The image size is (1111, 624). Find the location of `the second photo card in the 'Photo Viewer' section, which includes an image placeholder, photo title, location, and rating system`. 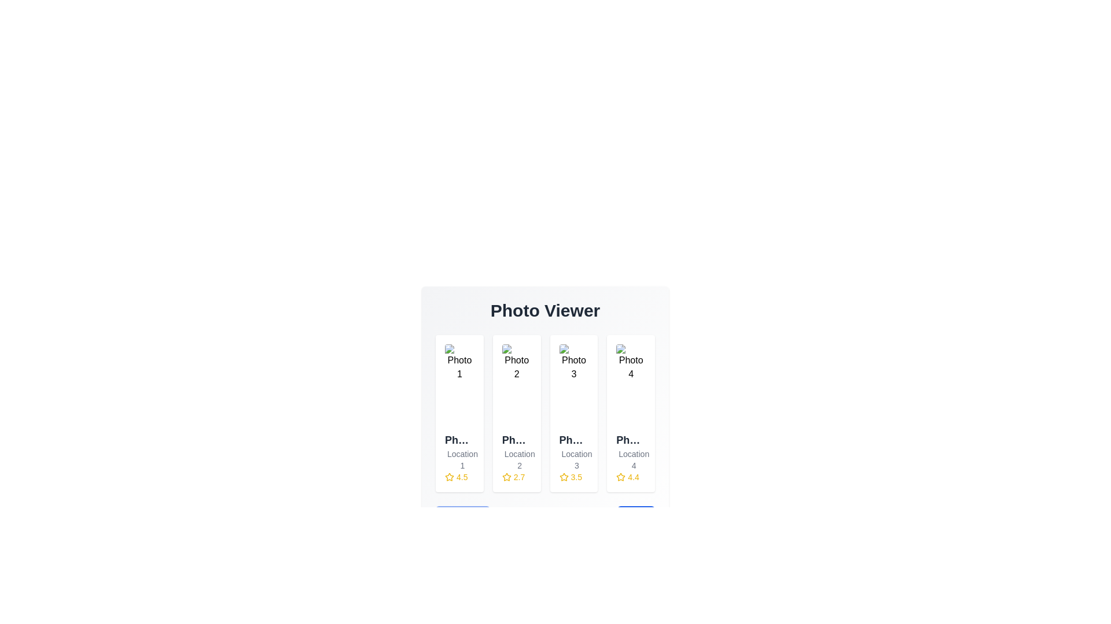

the second photo card in the 'Photo Viewer' section, which includes an image placeholder, photo title, location, and rating system is located at coordinates (545, 421).